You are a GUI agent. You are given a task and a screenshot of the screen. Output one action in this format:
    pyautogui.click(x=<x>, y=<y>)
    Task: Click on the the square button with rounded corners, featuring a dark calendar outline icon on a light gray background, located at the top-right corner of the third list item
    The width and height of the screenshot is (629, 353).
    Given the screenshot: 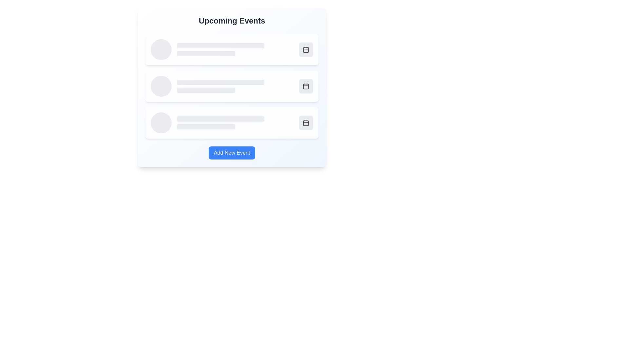 What is the action you would take?
    pyautogui.click(x=306, y=123)
    